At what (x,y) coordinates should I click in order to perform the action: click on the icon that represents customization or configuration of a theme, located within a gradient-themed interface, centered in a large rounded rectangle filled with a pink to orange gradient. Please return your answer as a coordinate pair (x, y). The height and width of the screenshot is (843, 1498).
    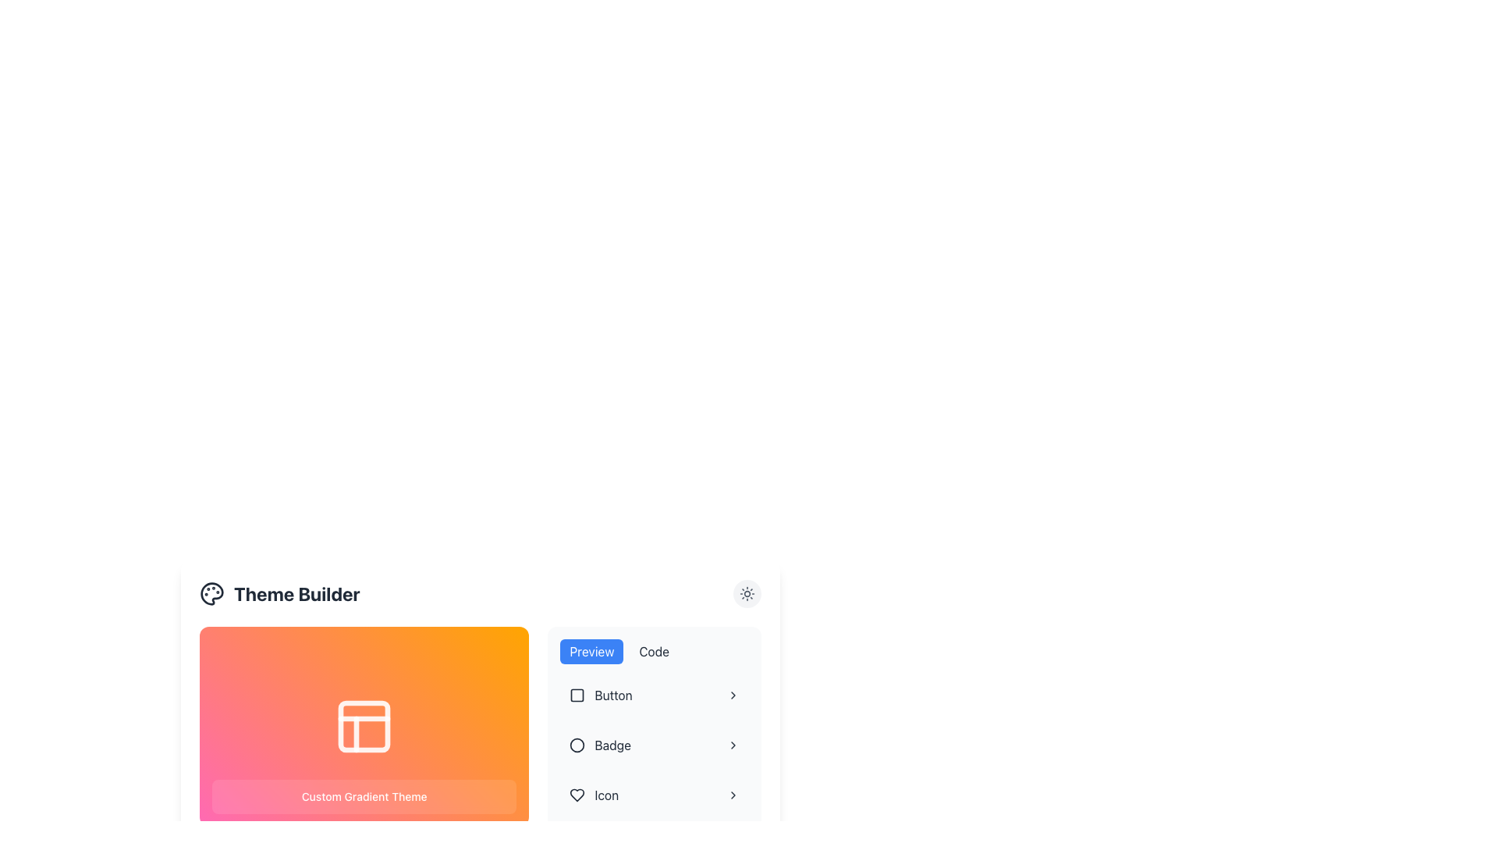
    Looking at the image, I should click on (364, 726).